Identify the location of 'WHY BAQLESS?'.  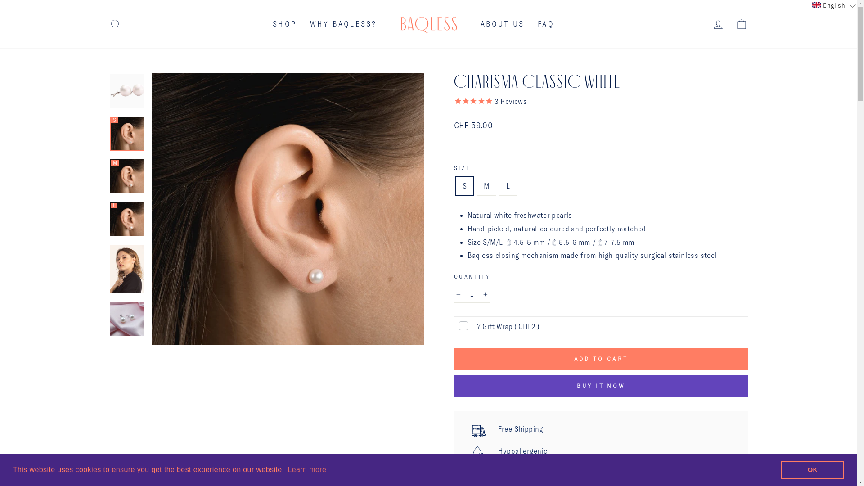
(343, 23).